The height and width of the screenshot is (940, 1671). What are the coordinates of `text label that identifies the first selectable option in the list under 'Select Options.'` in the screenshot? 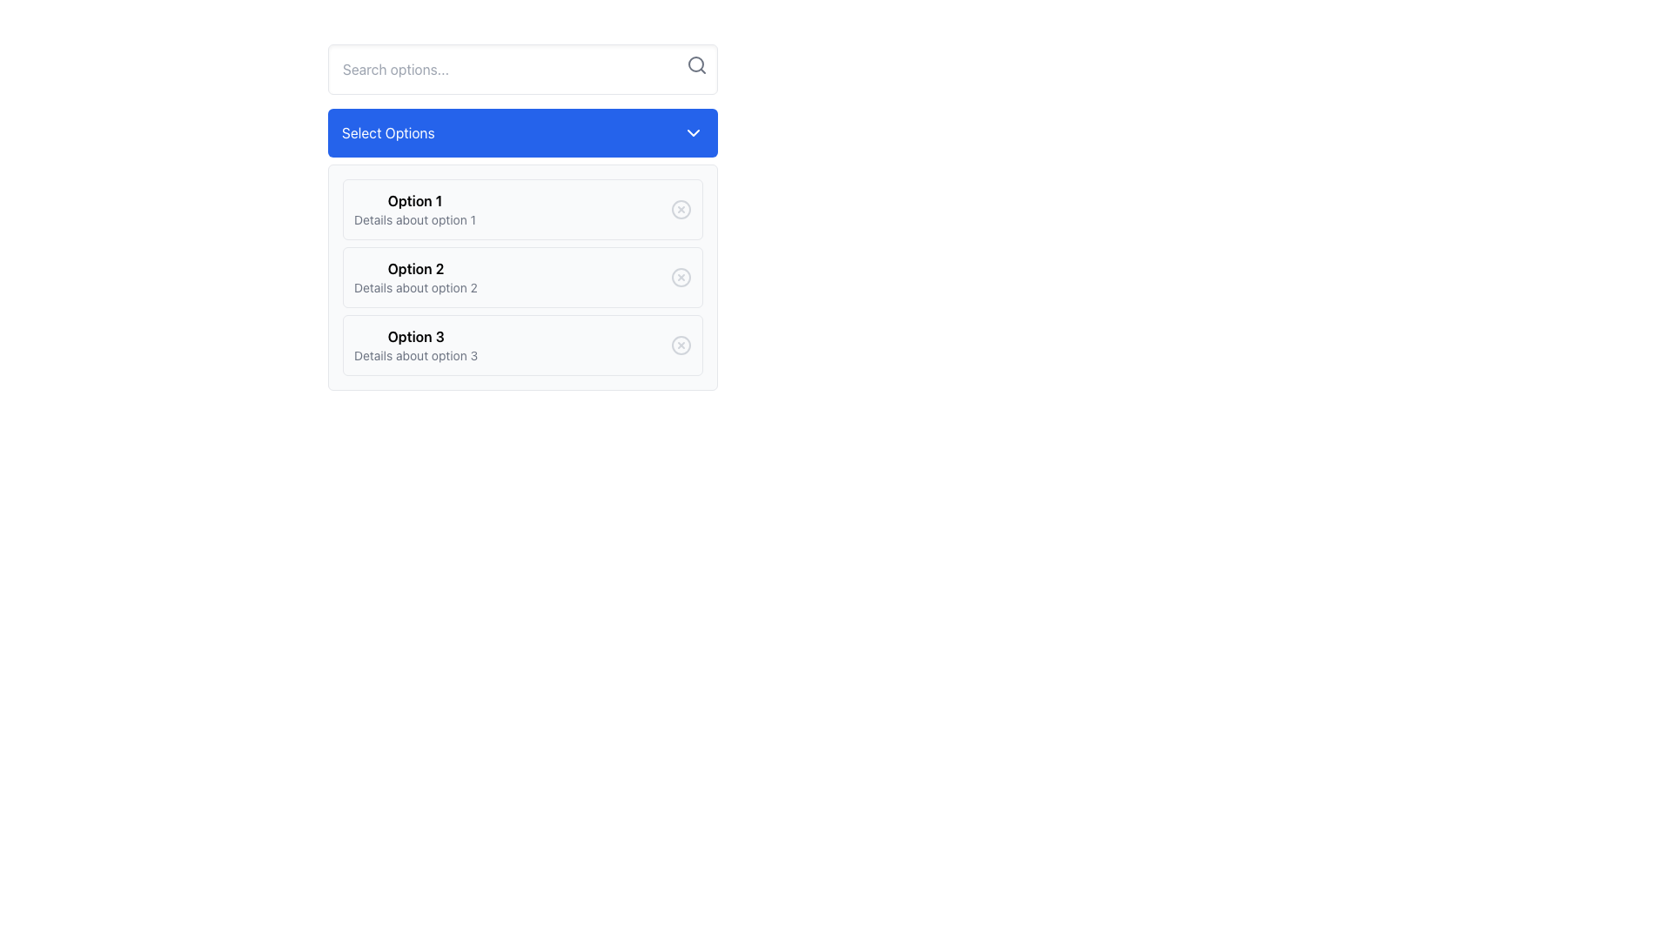 It's located at (413, 200).